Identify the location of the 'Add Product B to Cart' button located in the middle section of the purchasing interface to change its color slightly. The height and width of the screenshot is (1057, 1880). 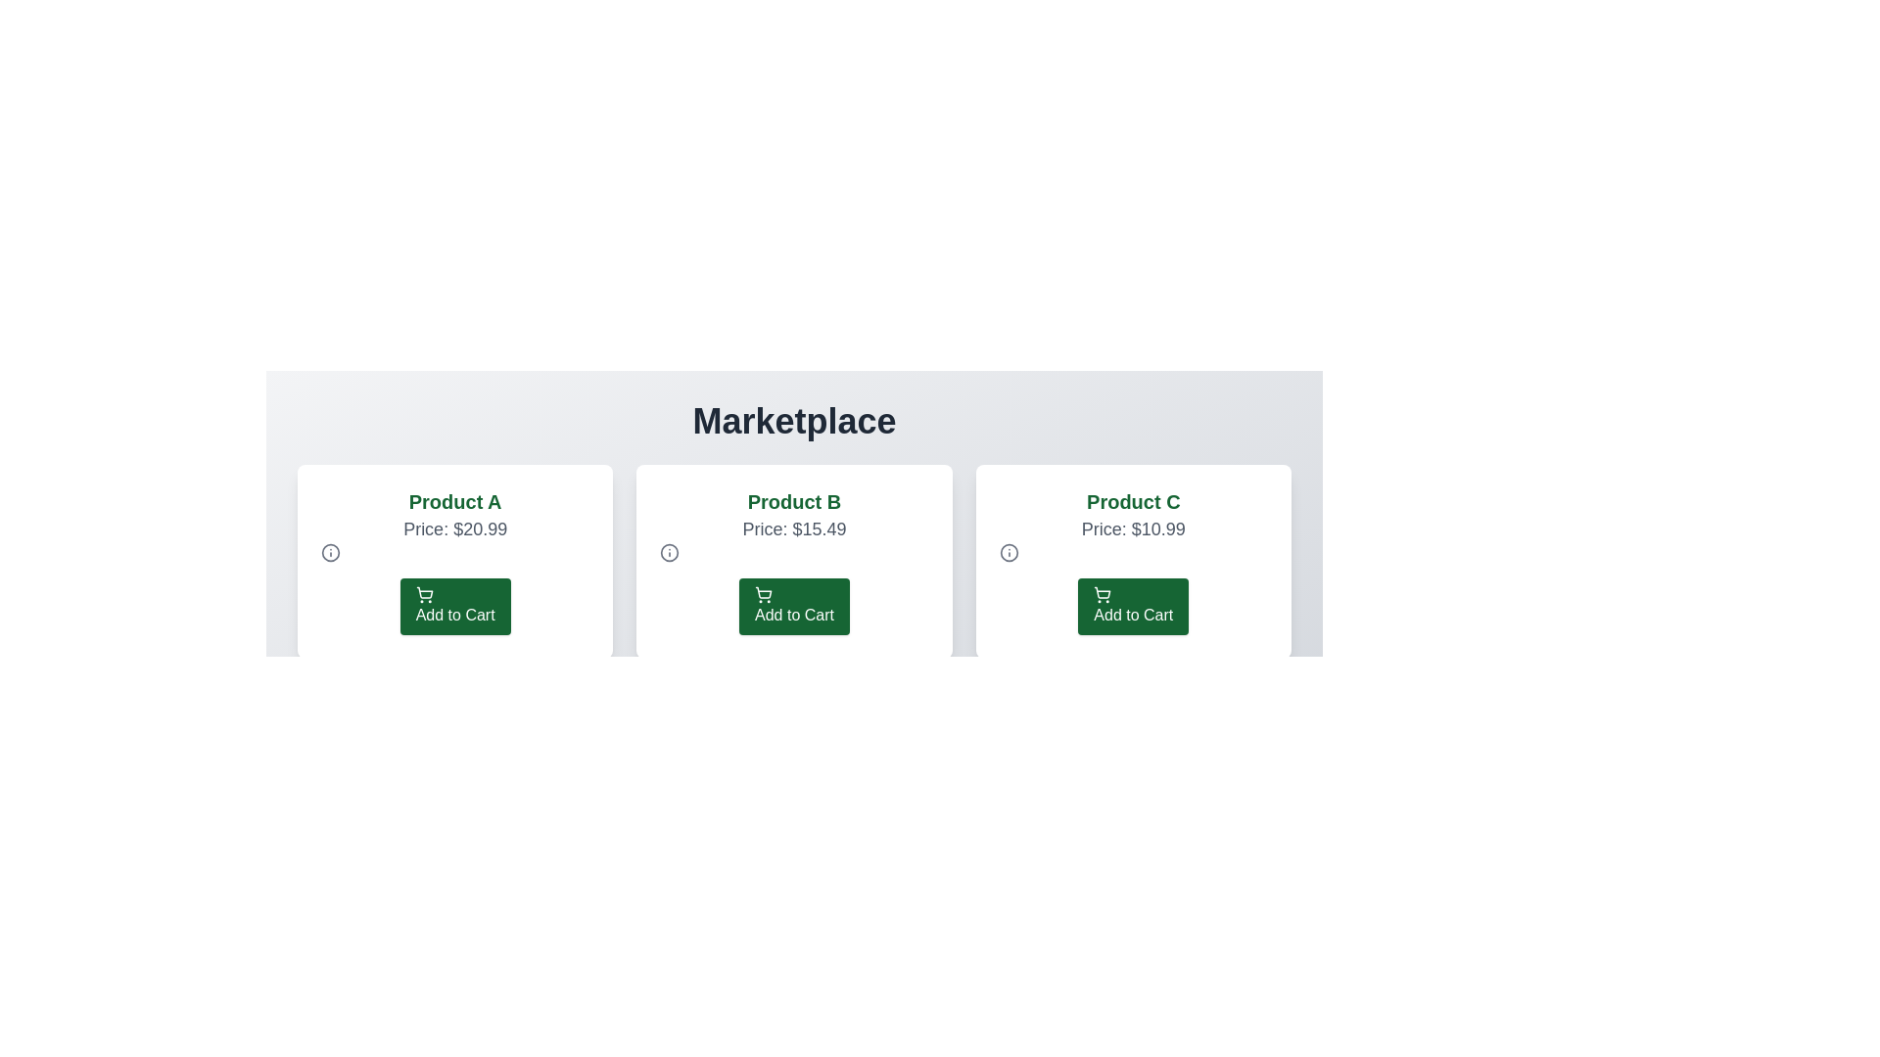
(794, 606).